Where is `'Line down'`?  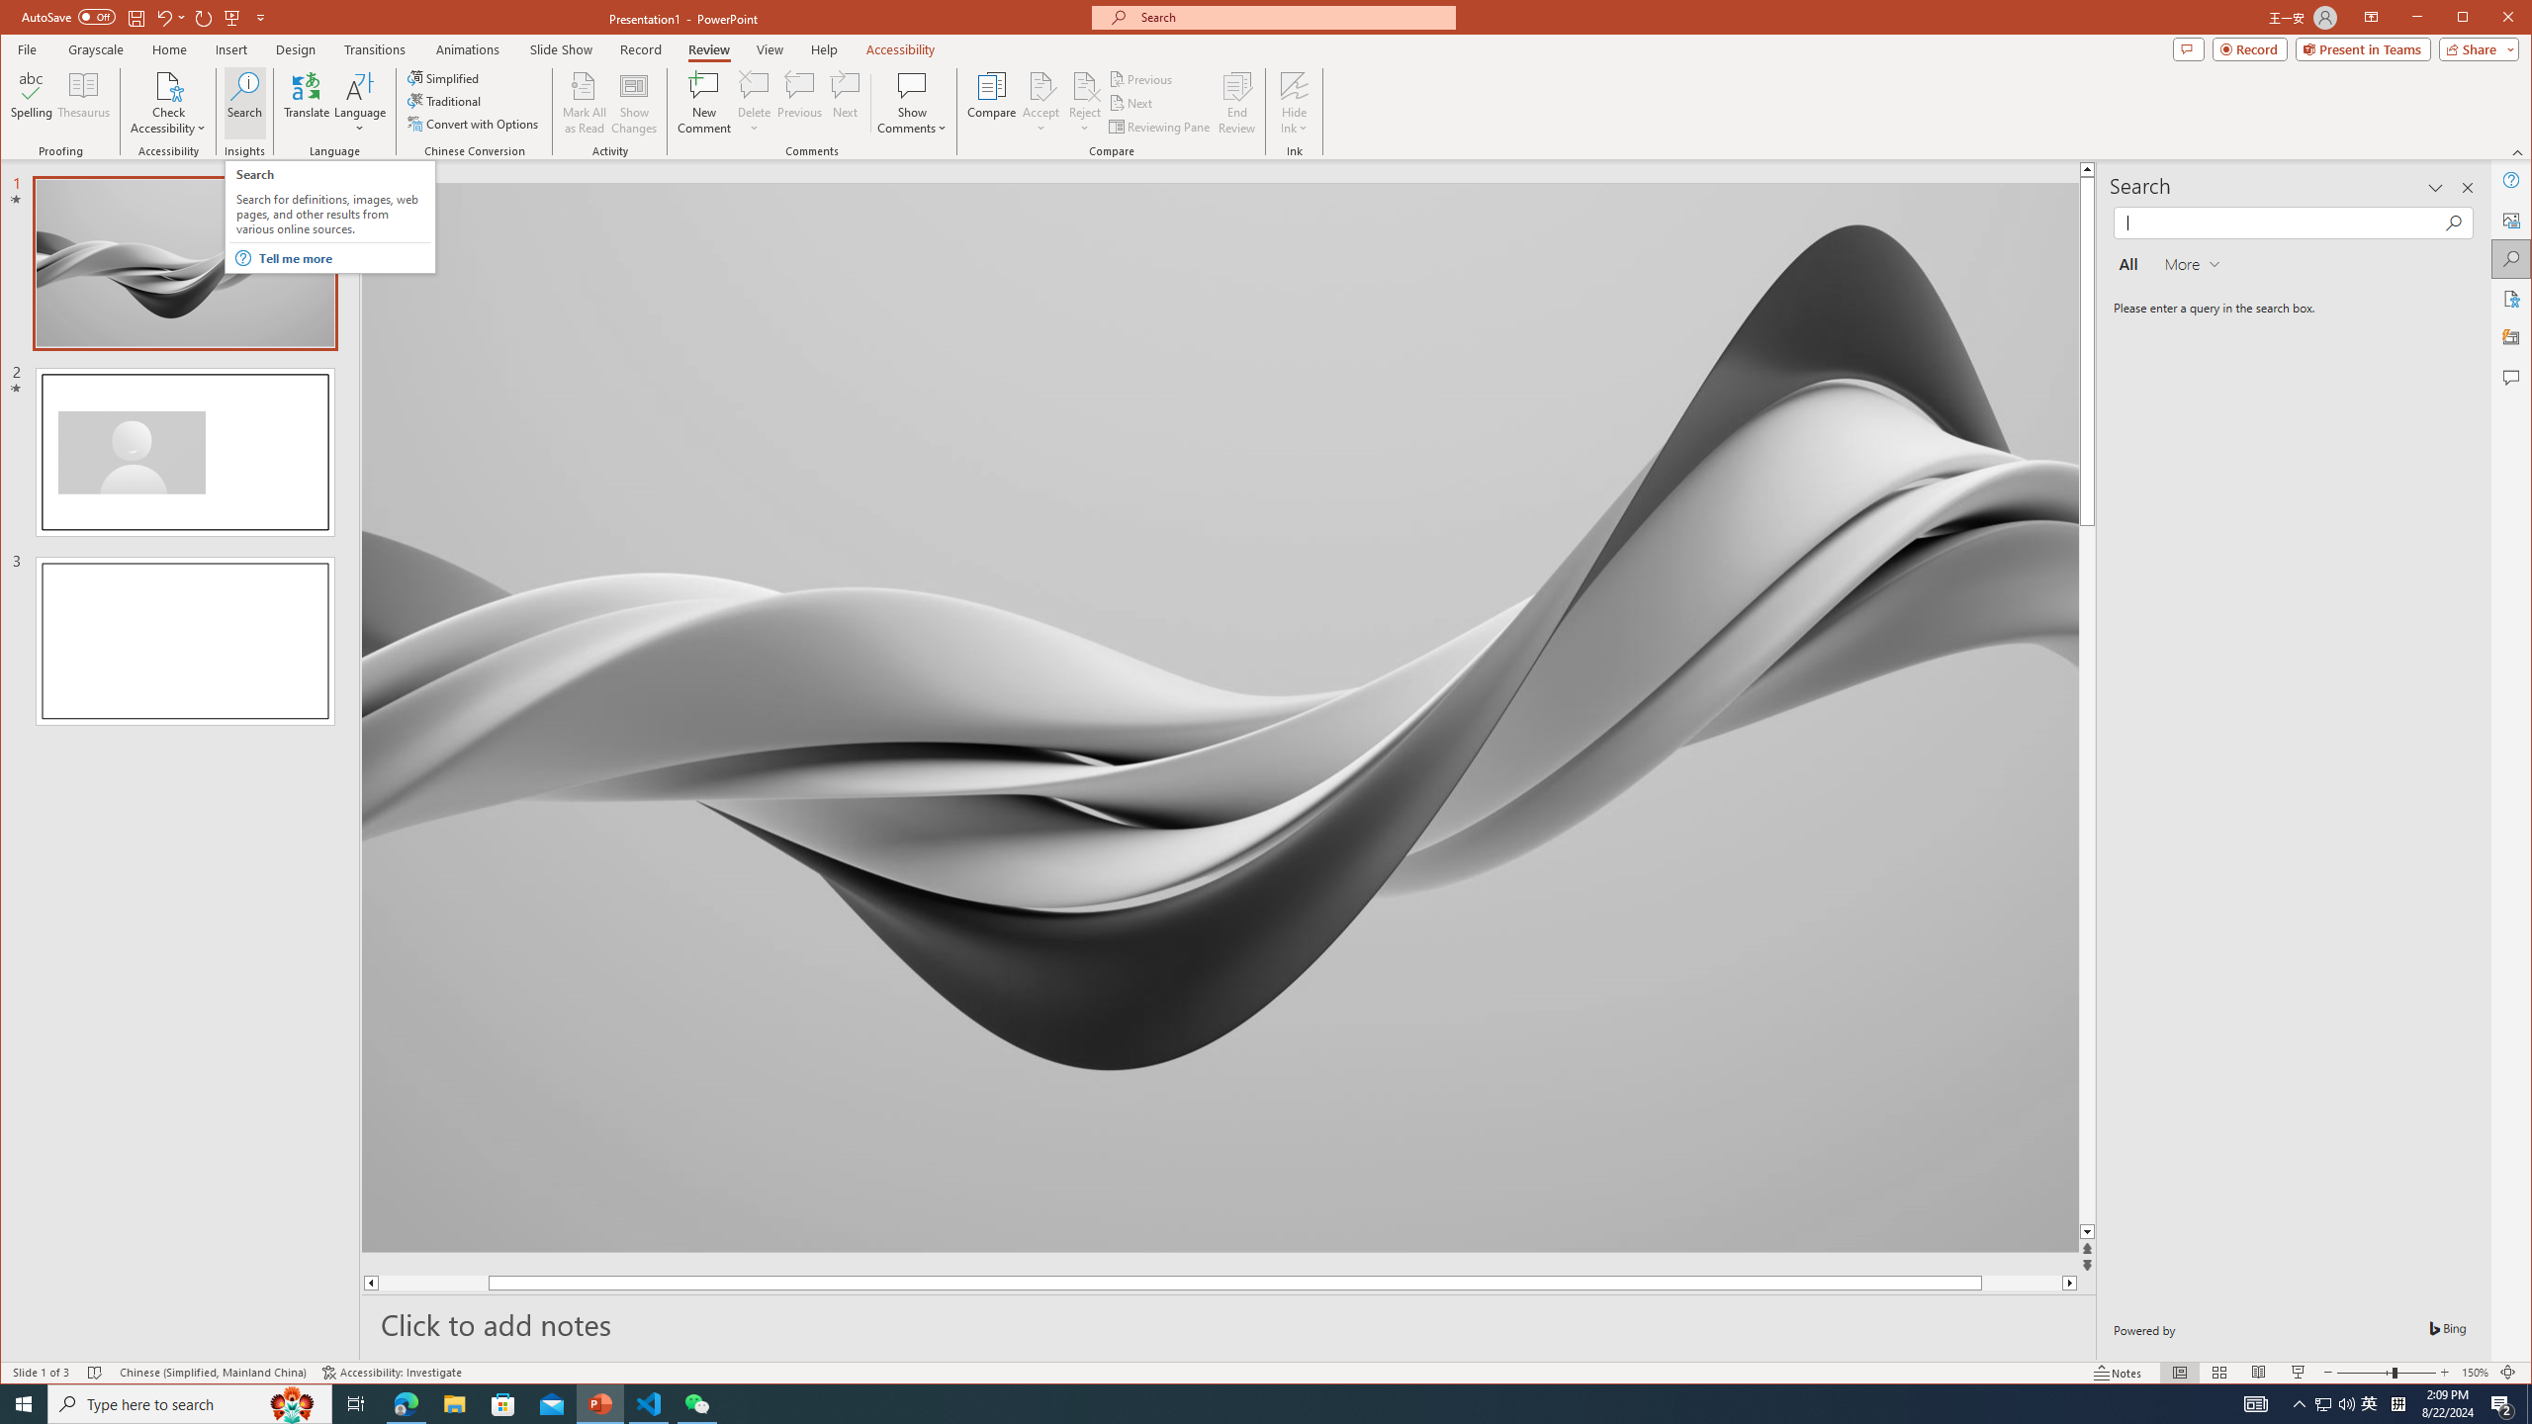
'Line down' is located at coordinates (2197, 1232).